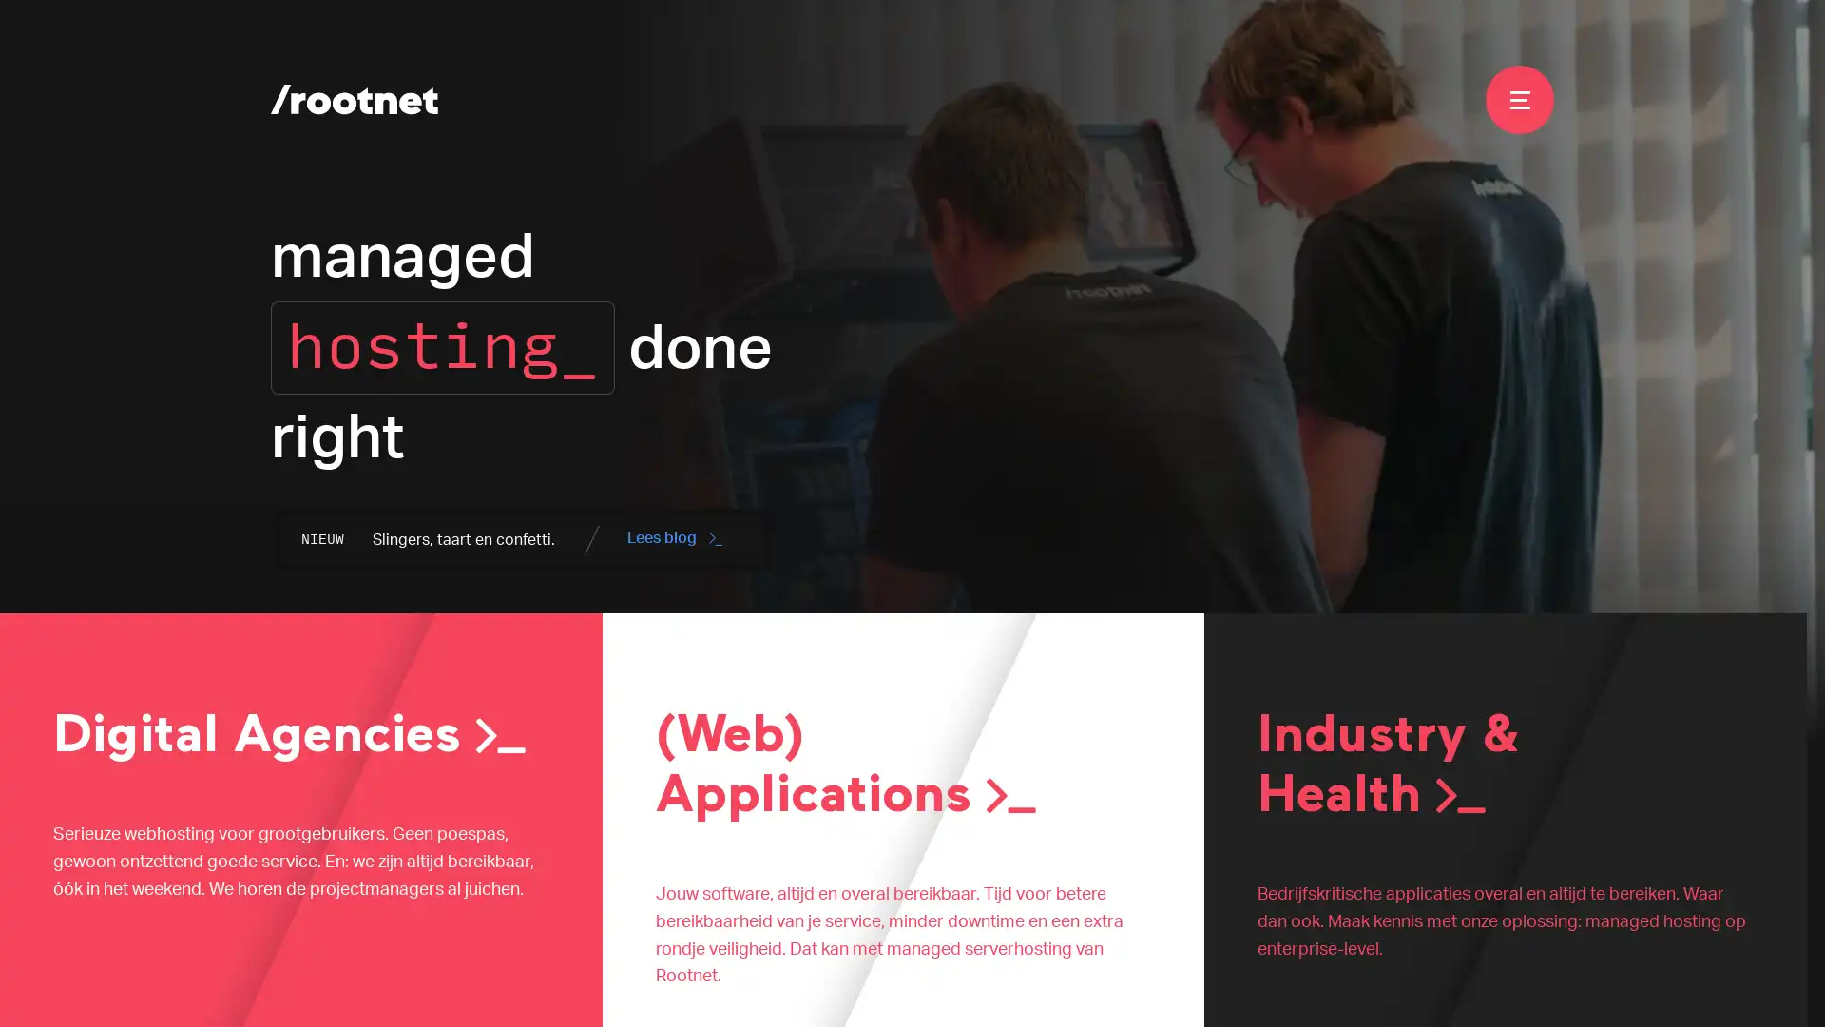  Describe the element at coordinates (1572, 988) in the screenshot. I see `Alles afwijzen` at that location.